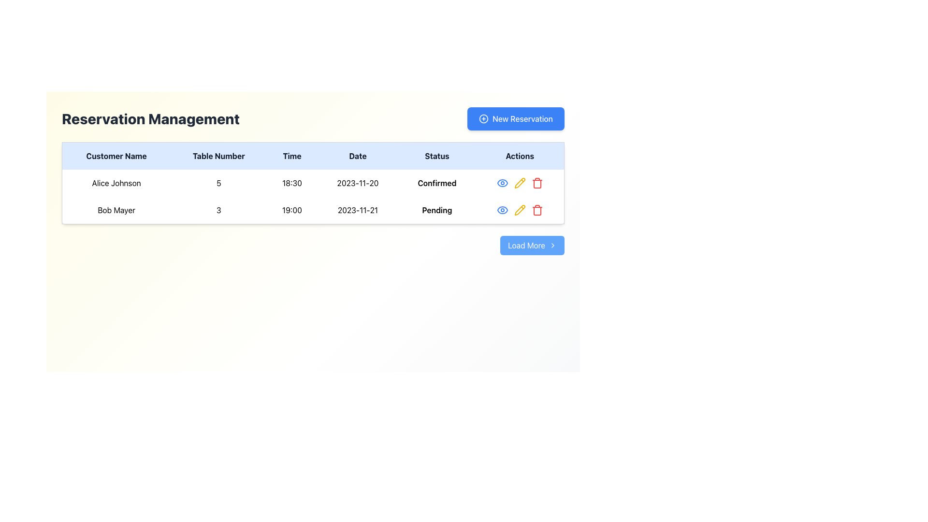 This screenshot has width=928, height=522. Describe the element at coordinates (291, 155) in the screenshot. I see `the 'Time' text label, which is a bold, black font label in a light blue background, located in the table header between 'Table Number' and 'Date'` at that location.